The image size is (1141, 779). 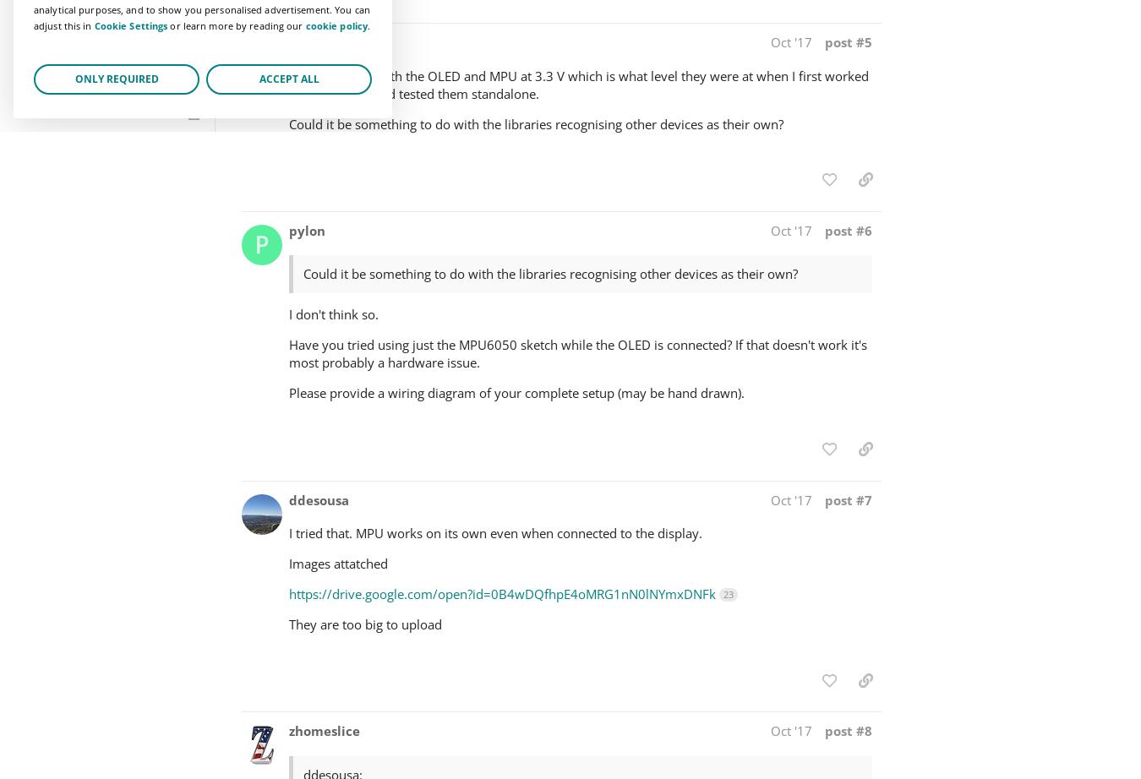 I want to click on 'Please provide a wiring diagram of your complete setup (may be hand drawn).', so click(x=516, y=392).